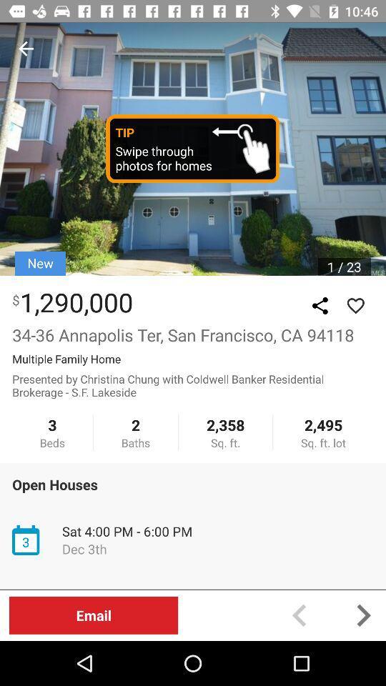 This screenshot has width=386, height=686. I want to click on previous, so click(26, 49).